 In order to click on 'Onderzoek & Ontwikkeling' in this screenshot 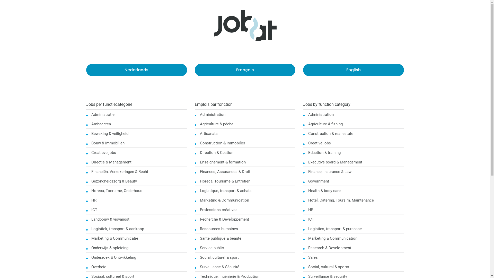, I will do `click(113, 257)`.